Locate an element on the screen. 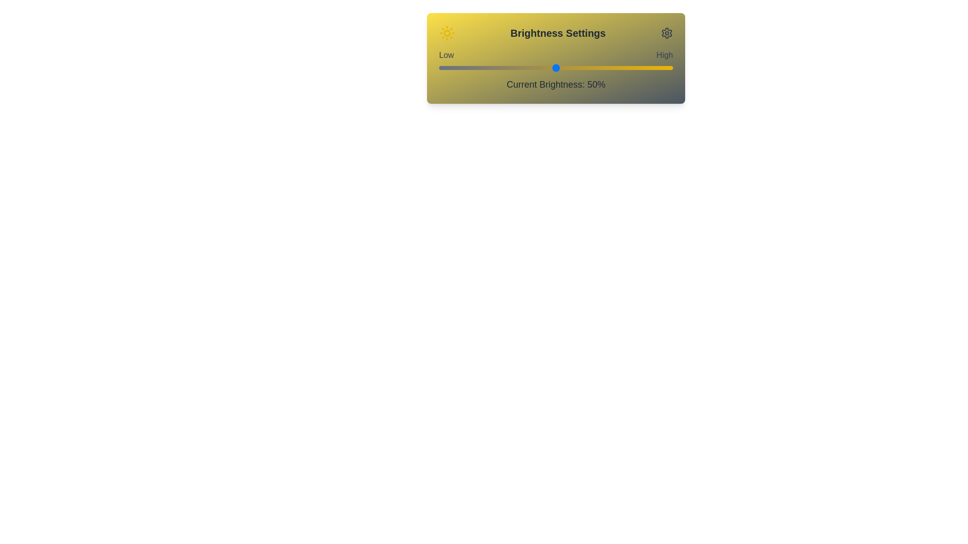 The width and height of the screenshot is (968, 544). the brightness slider to 1% is located at coordinates (441, 68).